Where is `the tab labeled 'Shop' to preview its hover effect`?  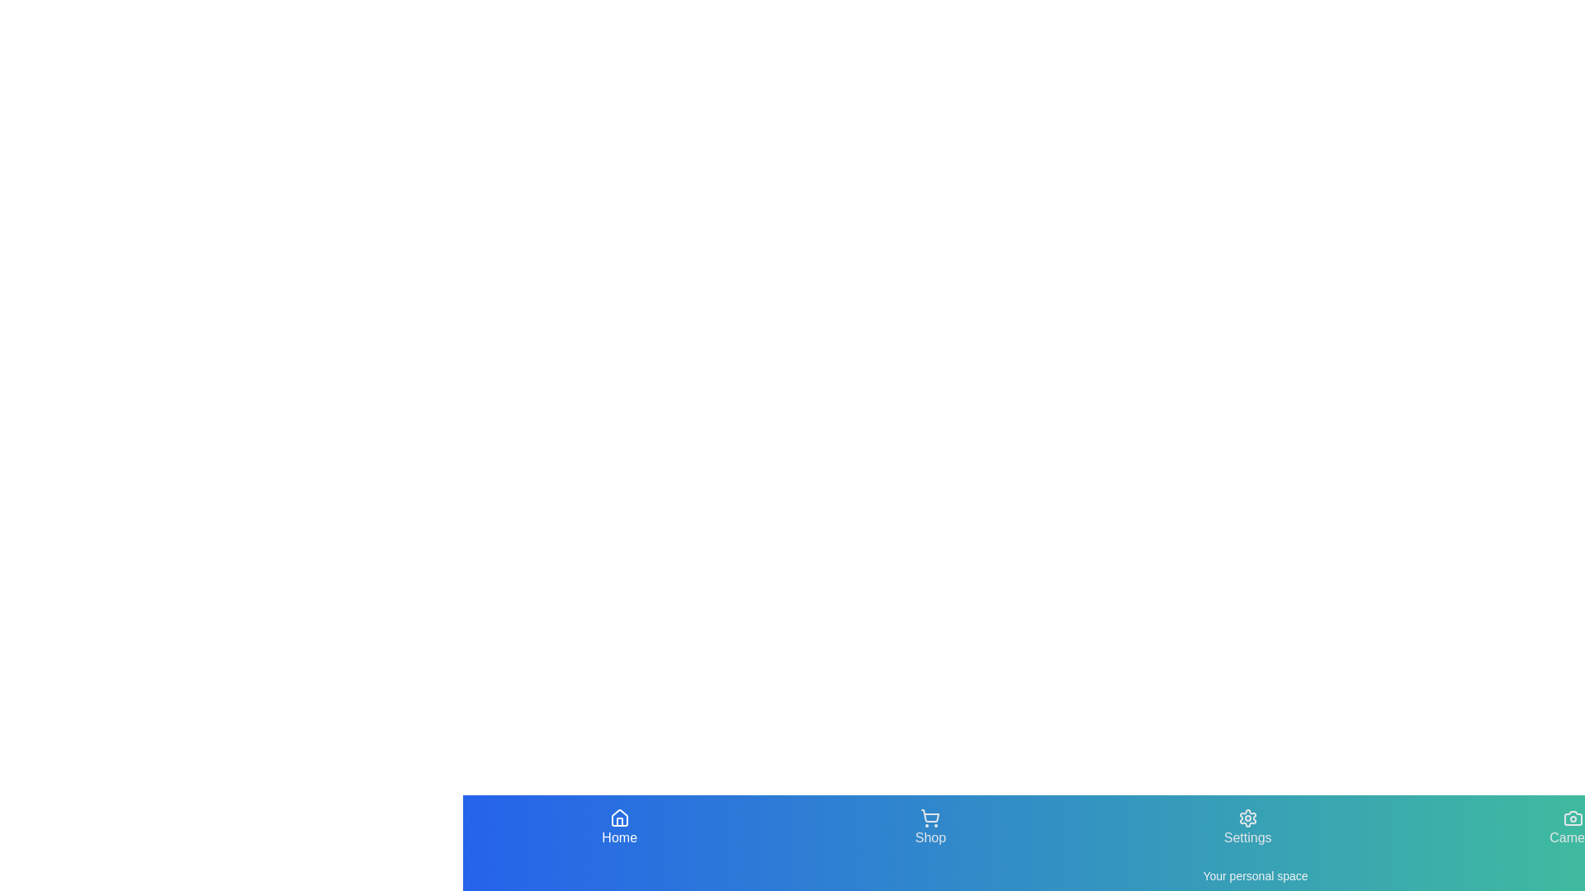
the tab labeled 'Shop' to preview its hover effect is located at coordinates (930, 827).